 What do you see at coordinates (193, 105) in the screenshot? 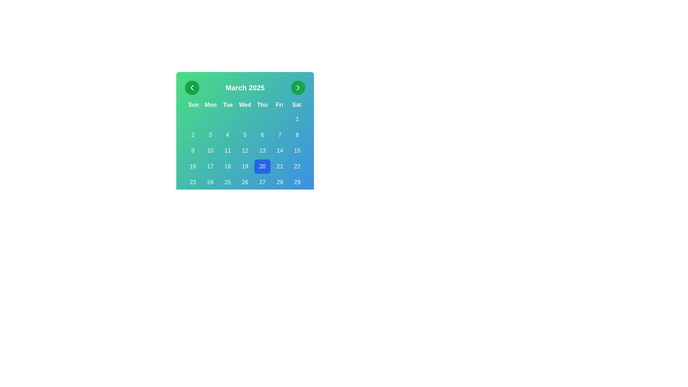
I see `the static text label displaying 'Sun' which represents Sunday in the calendar interface for additional information` at bounding box center [193, 105].